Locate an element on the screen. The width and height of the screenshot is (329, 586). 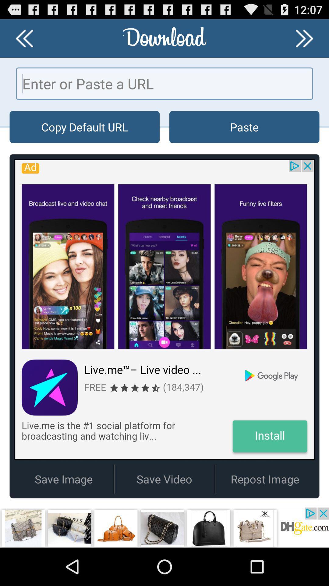
this button in paste a url is located at coordinates (164, 83).